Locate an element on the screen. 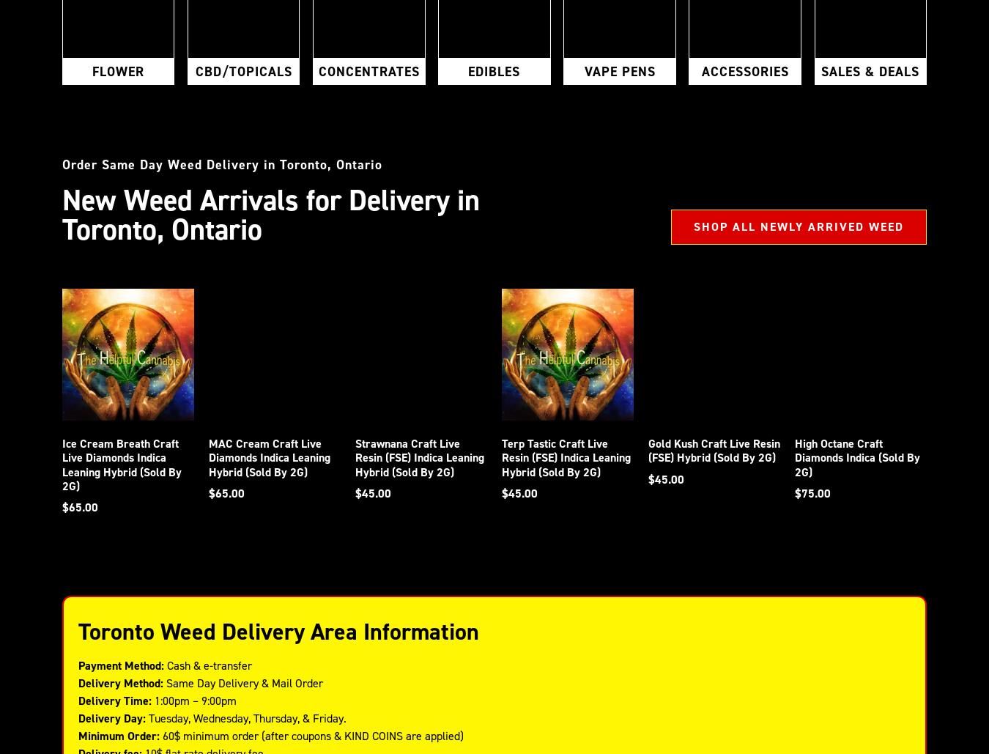 This screenshot has width=989, height=754. 'Vape Pens' is located at coordinates (619, 70).